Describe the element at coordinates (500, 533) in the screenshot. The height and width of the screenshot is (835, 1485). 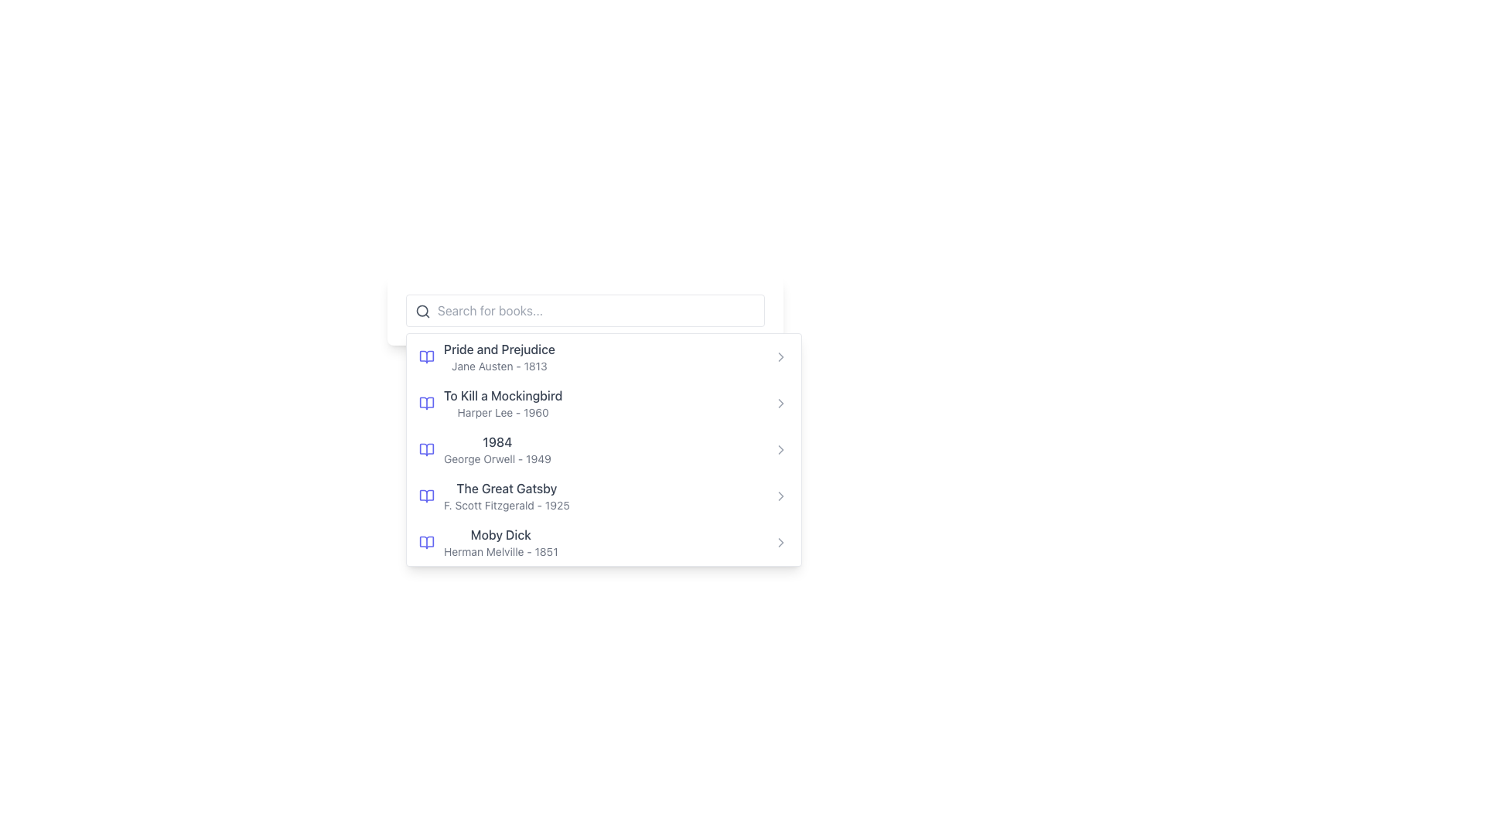
I see `the Text Label displaying 'Moby Dick' in the dropdown list under 'Search for books...' bar, specifically in the fifth position` at that location.